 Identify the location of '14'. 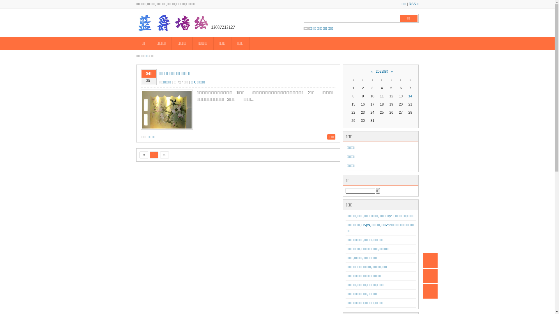
(410, 96).